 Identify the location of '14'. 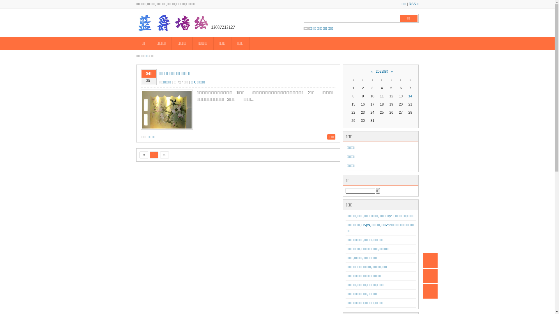
(410, 96).